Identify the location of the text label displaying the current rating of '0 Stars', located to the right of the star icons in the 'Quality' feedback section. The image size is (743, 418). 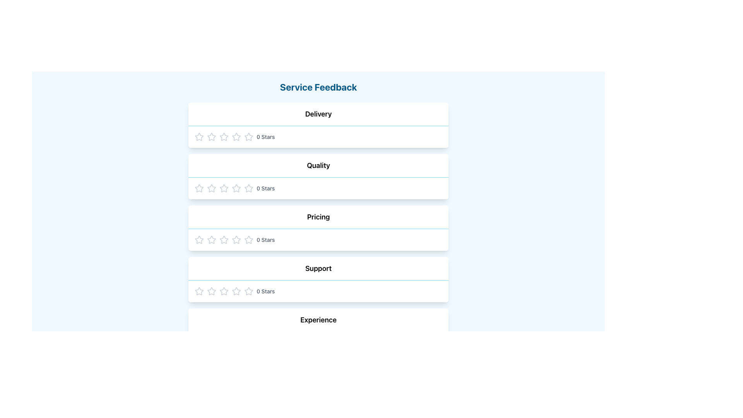
(265, 188).